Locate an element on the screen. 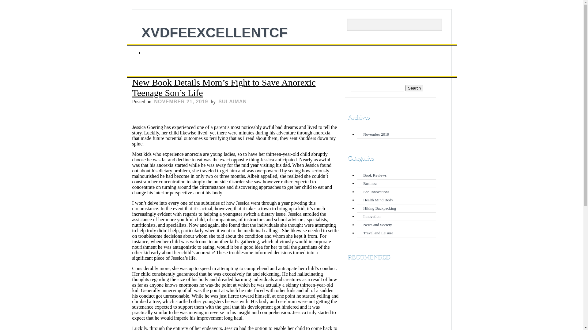 The image size is (588, 330). 'News and Society' is located at coordinates (363, 225).